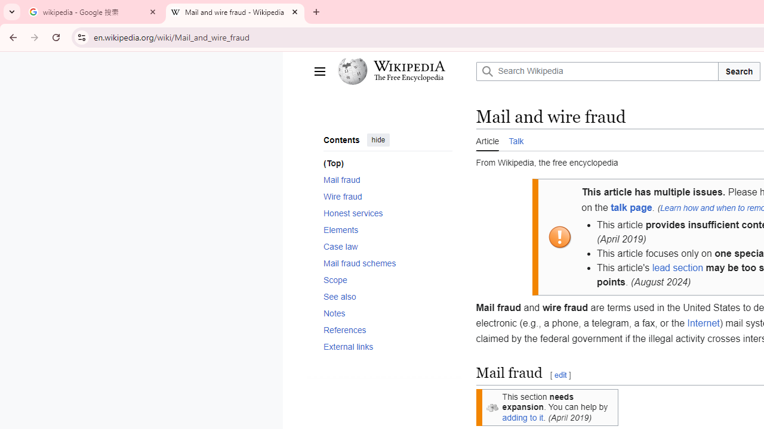 This screenshot has width=764, height=429. I want to click on 'AutomationID: toc-Wire_fraud', so click(384, 195).